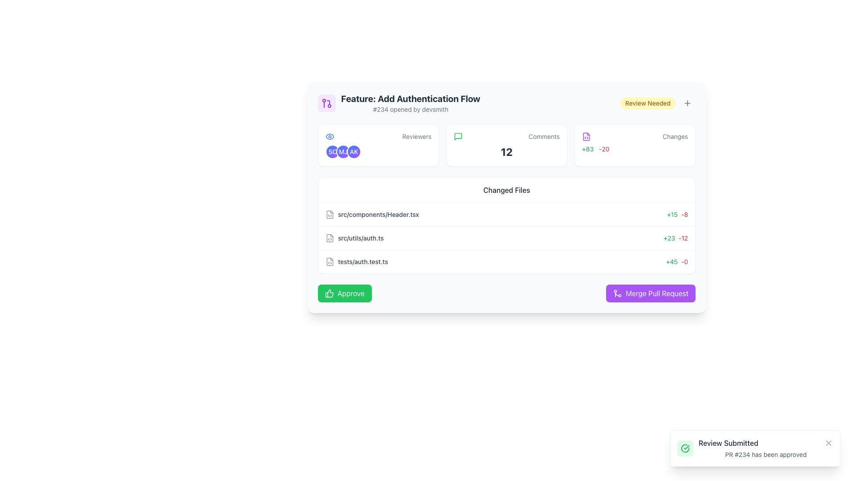  Describe the element at coordinates (677, 215) in the screenshot. I see `the text element displaying '+15-8' in the rightmost column of the file list for 'src/components/Header.tsx'` at that location.